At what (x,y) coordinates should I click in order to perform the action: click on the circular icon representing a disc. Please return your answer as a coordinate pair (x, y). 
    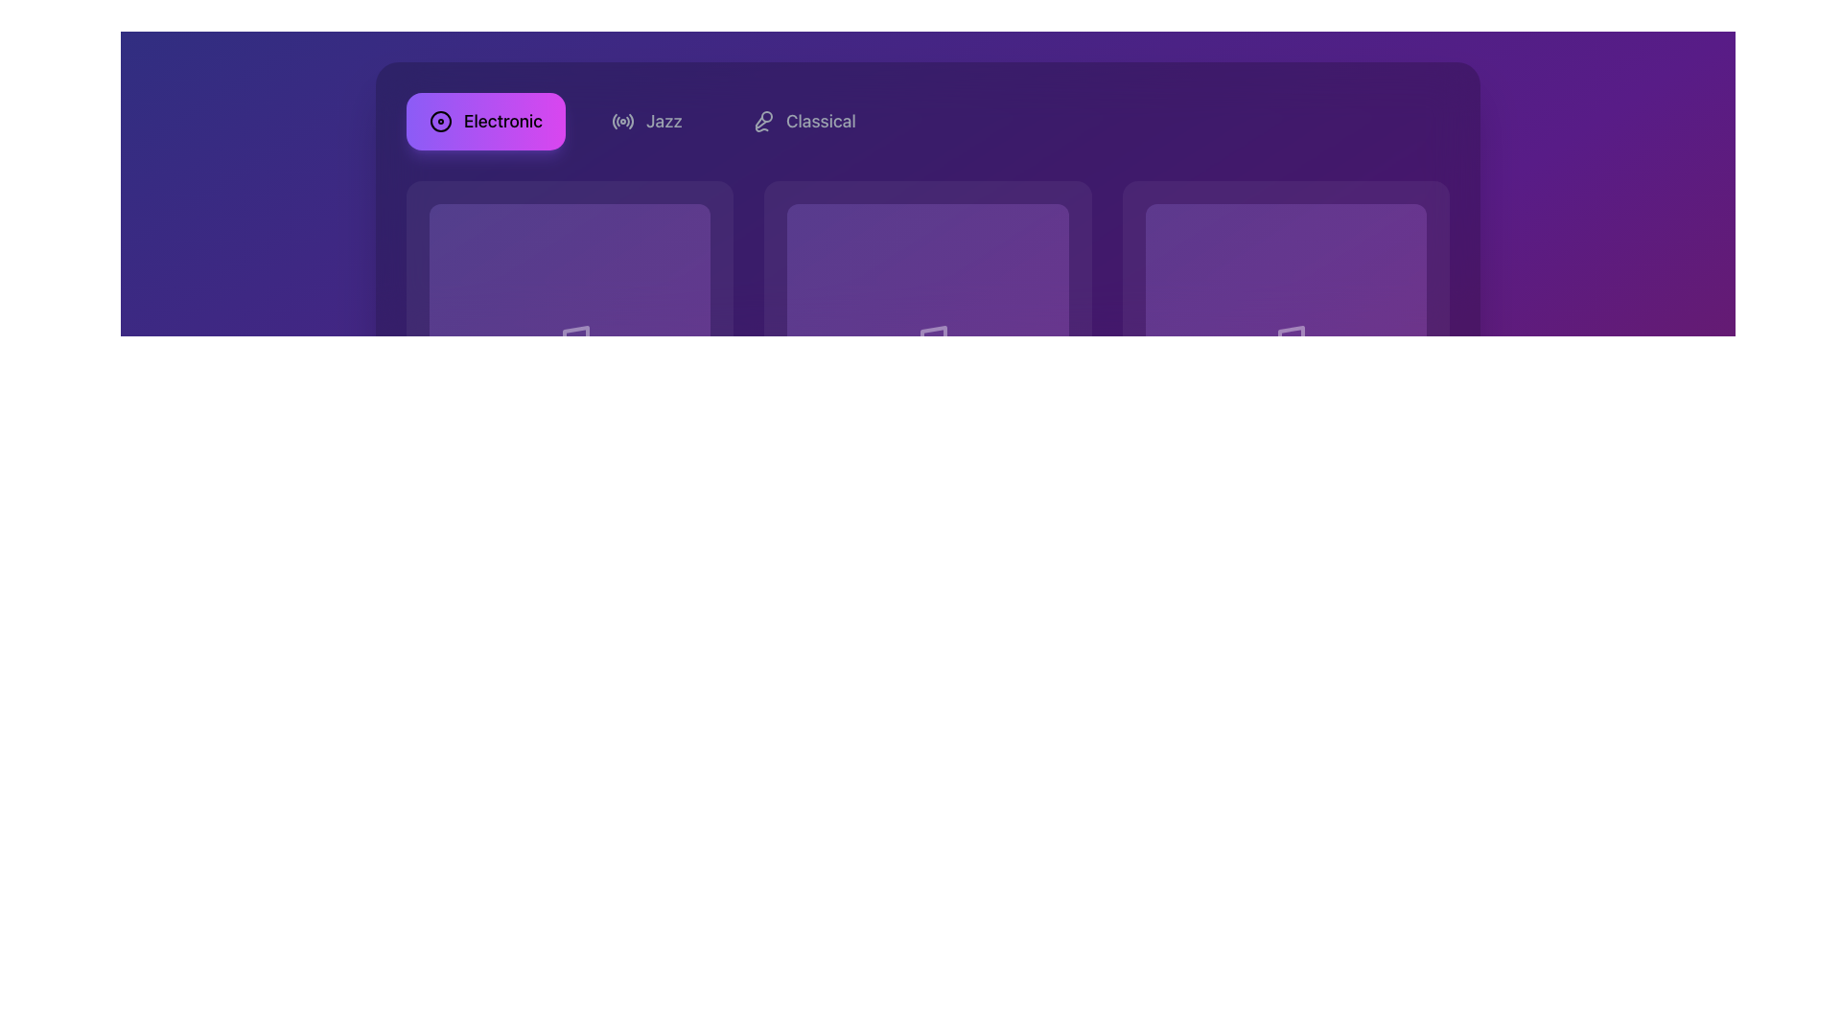
    Looking at the image, I should click on (440, 122).